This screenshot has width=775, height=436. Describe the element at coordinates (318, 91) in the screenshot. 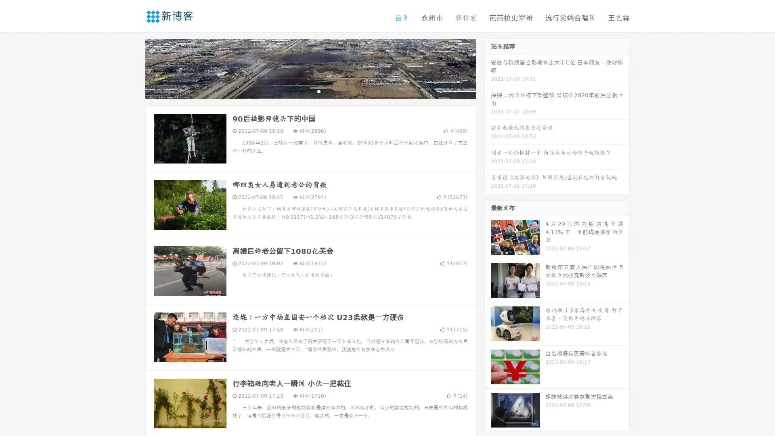

I see `Go to slide 3` at that location.